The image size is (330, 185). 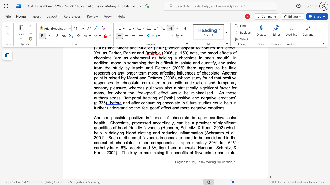 What do you see at coordinates (232, 118) in the screenshot?
I see `the subset text "lar hea" within the text "Another possible positive influence of chocolate is upon cardiovascular health"` at bounding box center [232, 118].